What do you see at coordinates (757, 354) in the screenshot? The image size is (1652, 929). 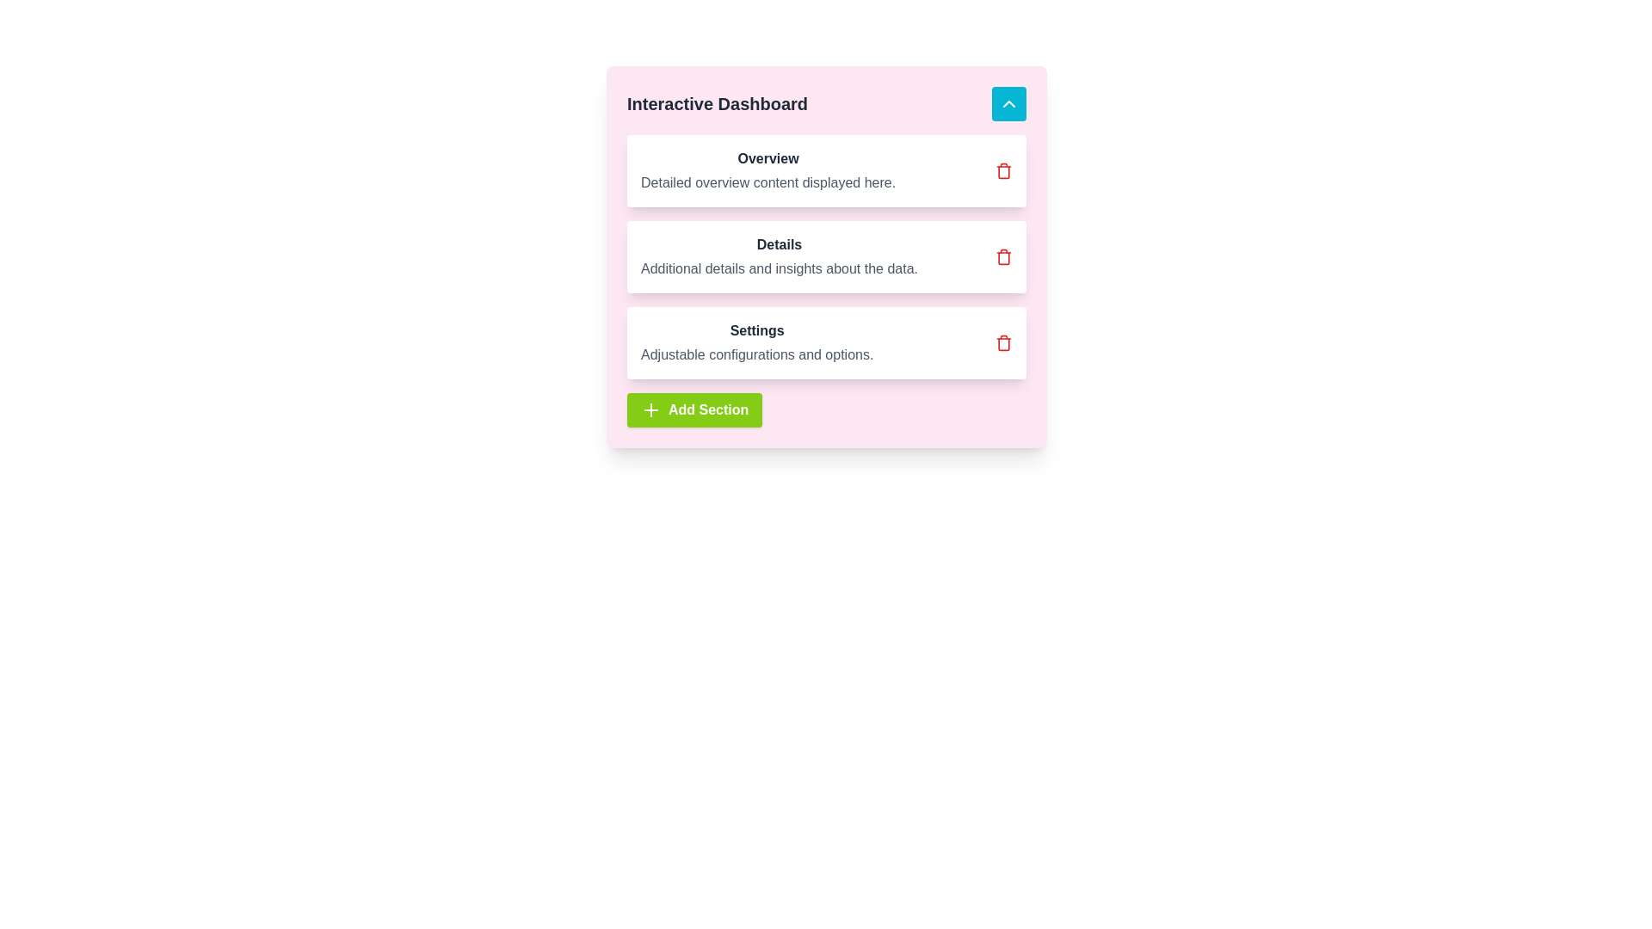 I see `the descriptive text label located below the 'Settings' heading in the 'Interactive Dashboard' panel` at bounding box center [757, 354].